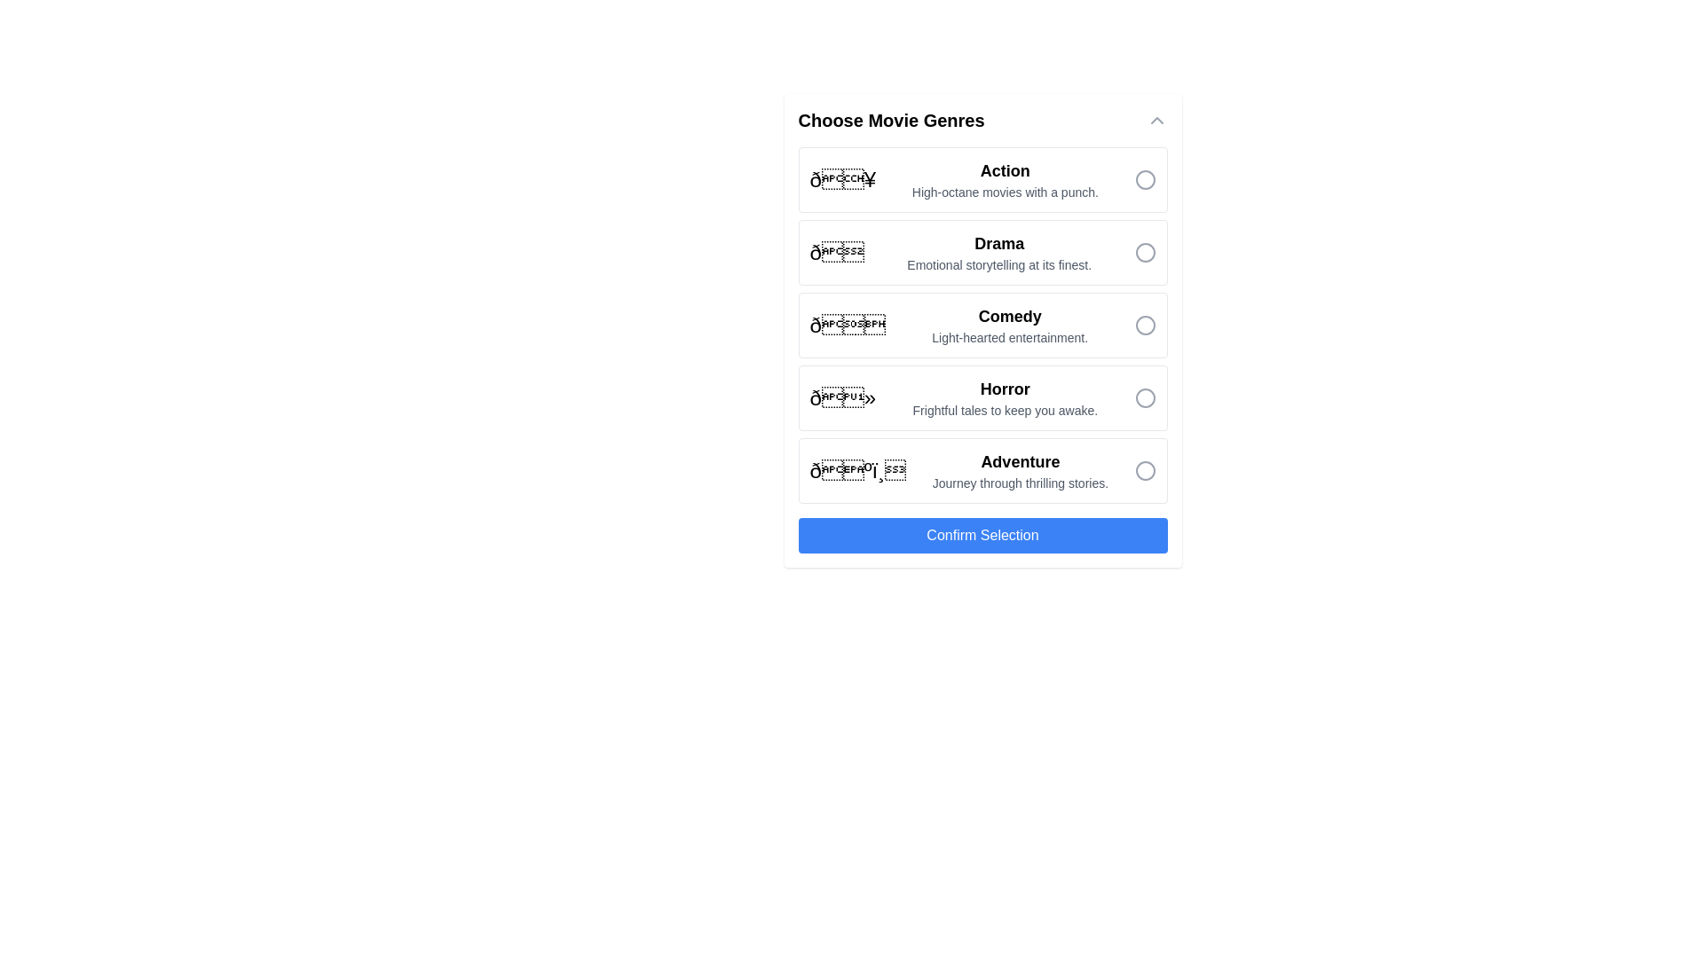  I want to click on the small upward-pointing chevron icon in the top-right corner of the 'Choose Movie Genres' modal, so click(1156, 120).